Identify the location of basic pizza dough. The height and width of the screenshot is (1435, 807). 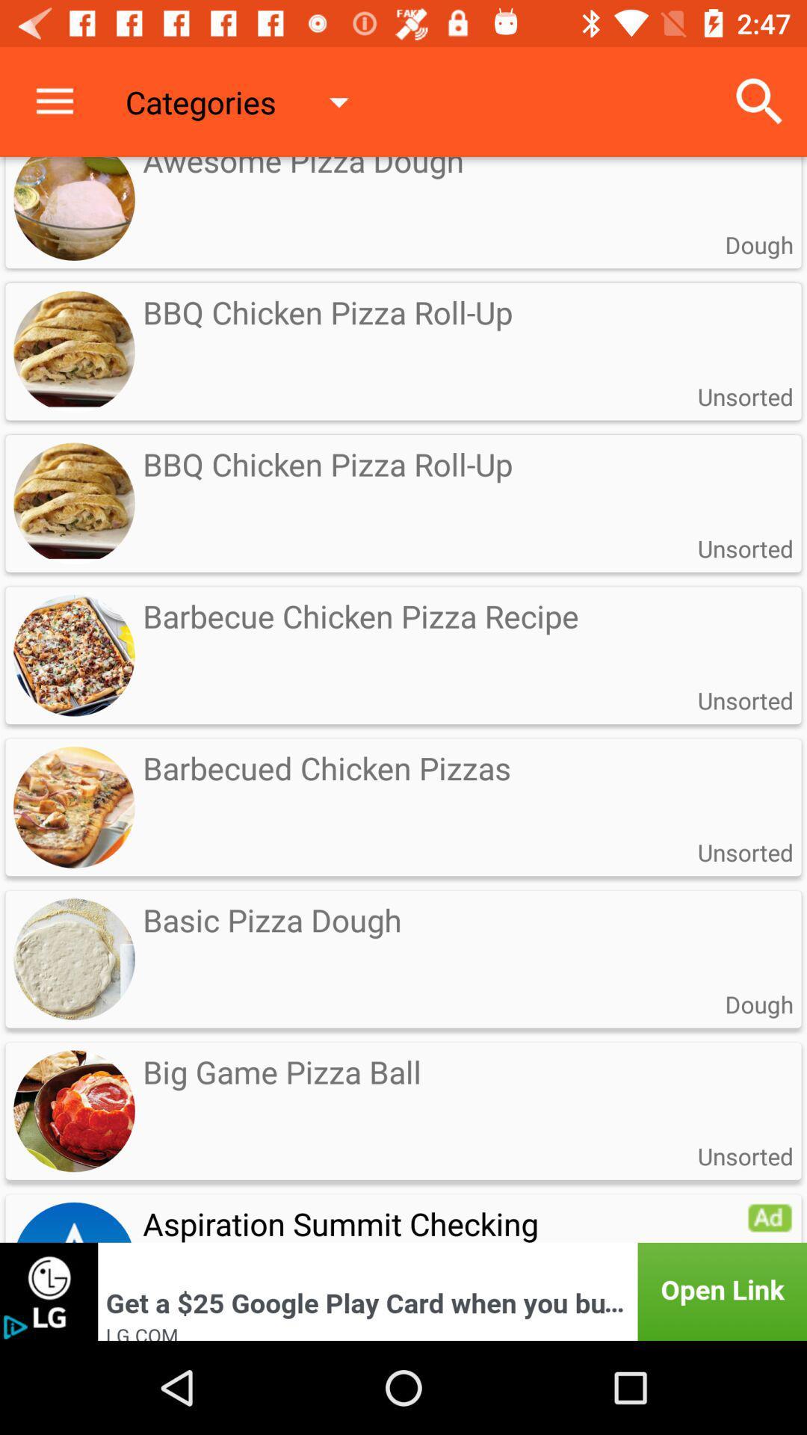
(403, 939).